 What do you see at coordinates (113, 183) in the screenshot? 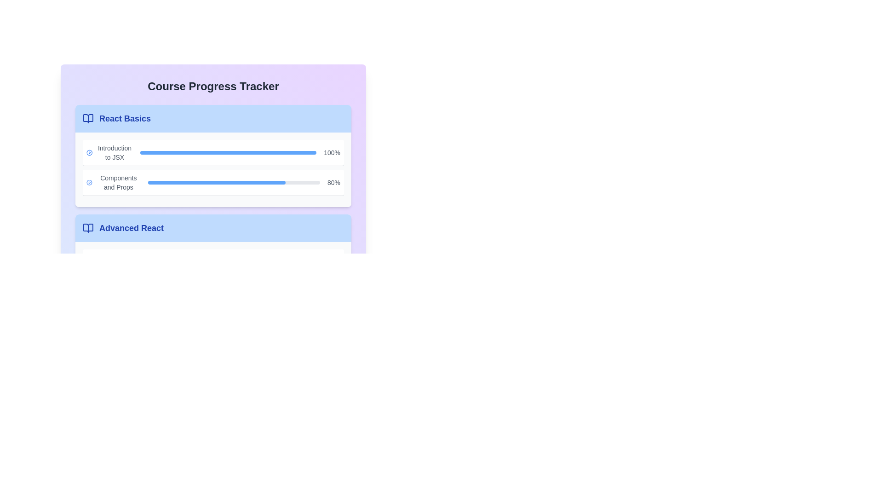
I see `the 'Components and Props' label, which features a small circular play icon on the left` at bounding box center [113, 183].